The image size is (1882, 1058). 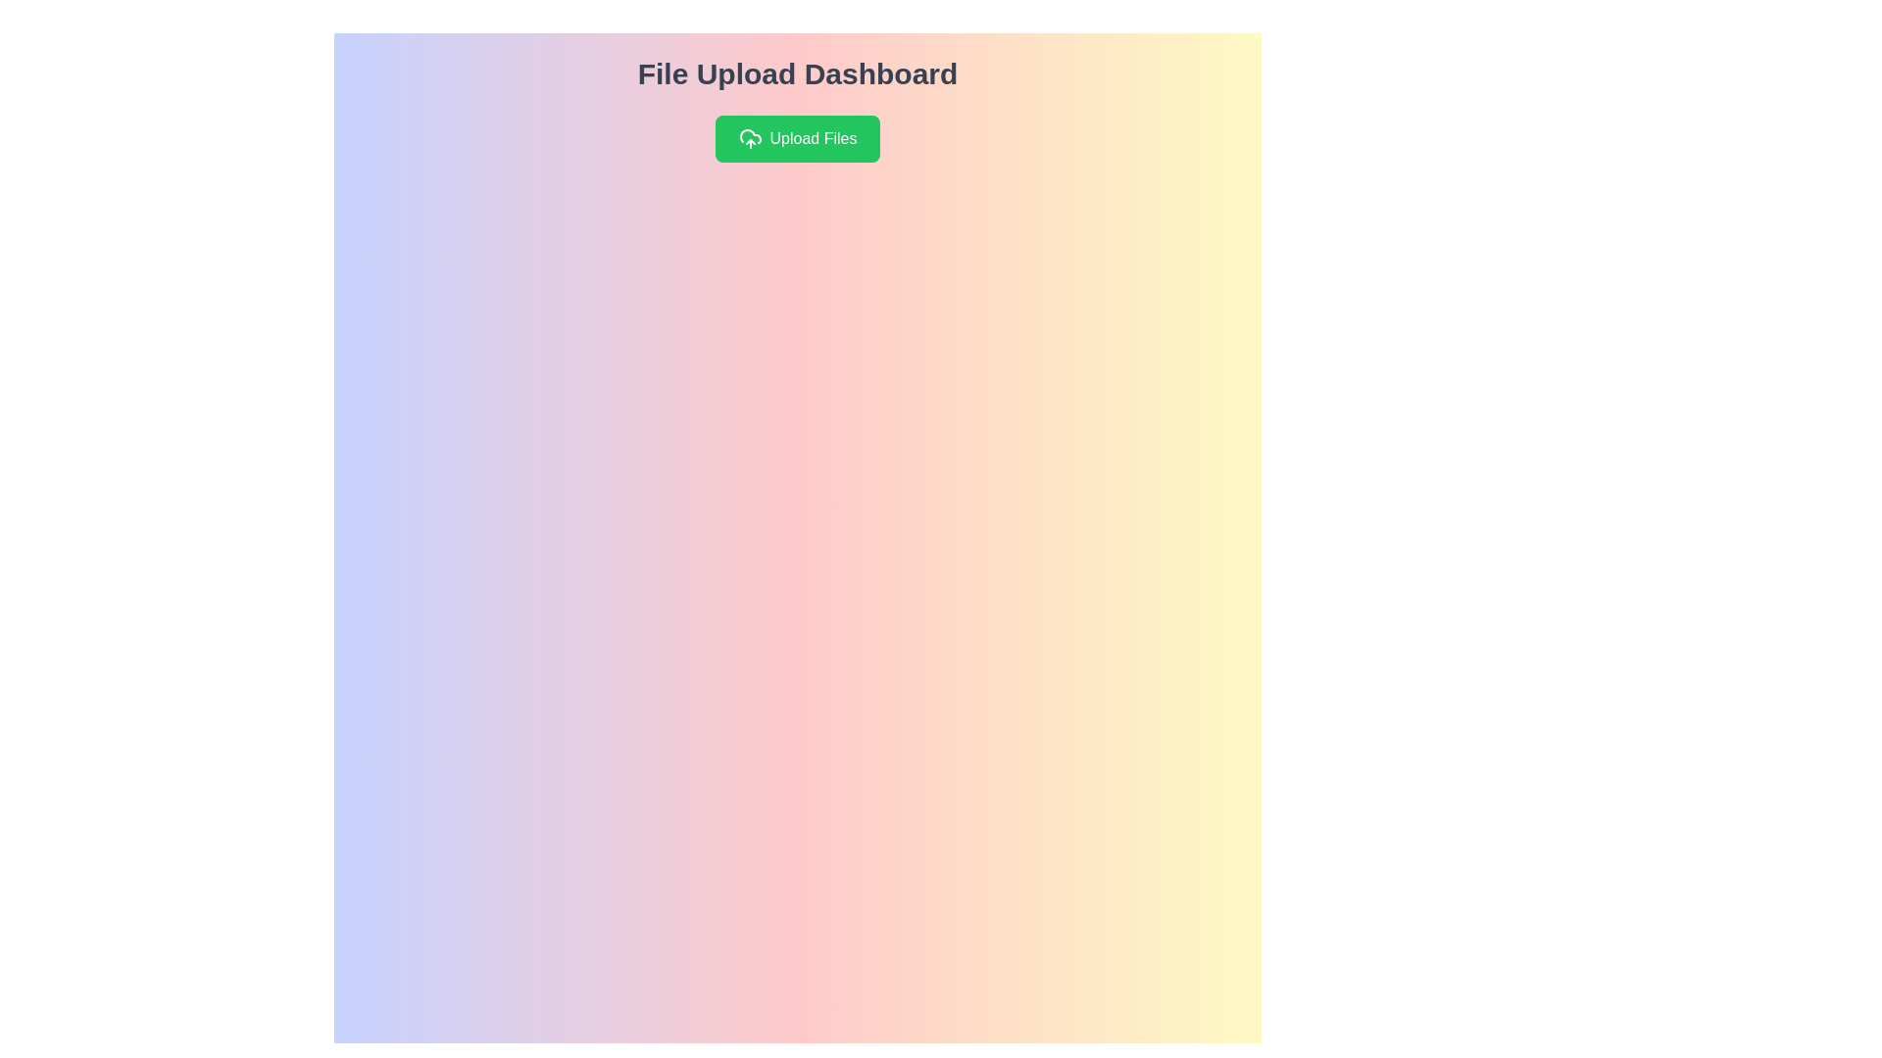 I want to click on the 'Upload Files' button with a green background and white text, which includes a cloud icon with an upward arrow, to change its color, so click(x=798, y=138).